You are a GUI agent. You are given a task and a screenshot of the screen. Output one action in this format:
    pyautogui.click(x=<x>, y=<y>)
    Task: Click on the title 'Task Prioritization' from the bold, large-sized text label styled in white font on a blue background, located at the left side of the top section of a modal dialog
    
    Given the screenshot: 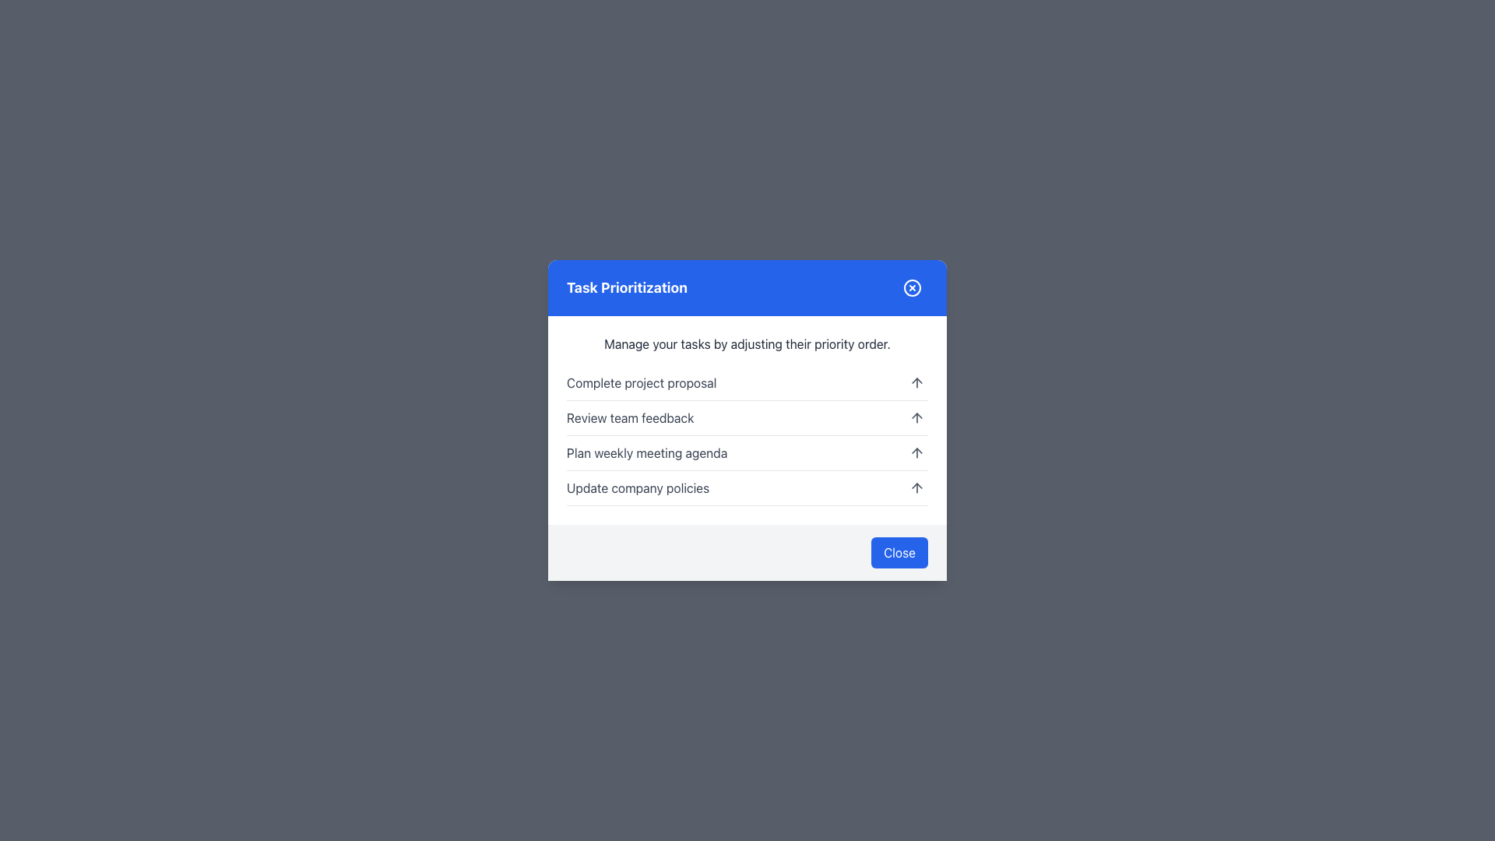 What is the action you would take?
    pyautogui.click(x=627, y=288)
    